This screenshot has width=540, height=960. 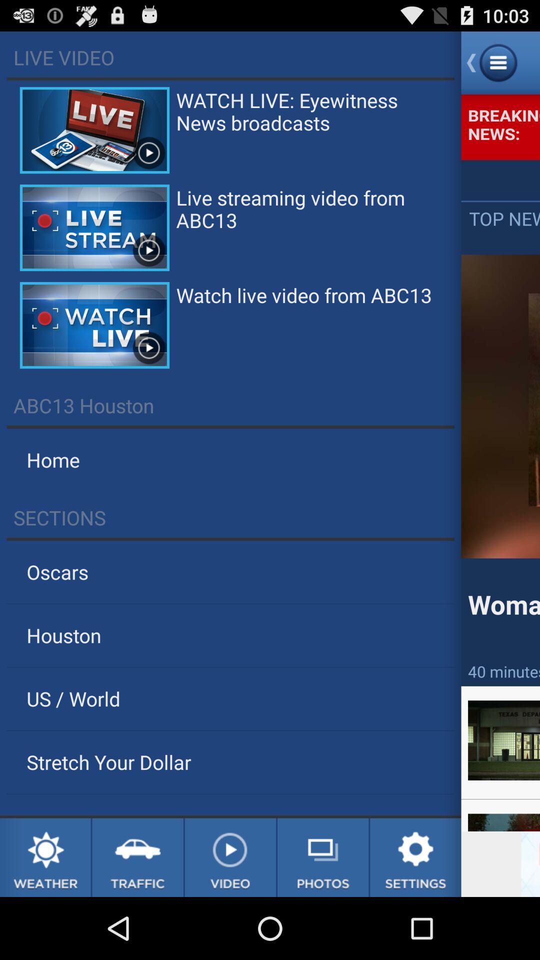 I want to click on access video, so click(x=230, y=857).